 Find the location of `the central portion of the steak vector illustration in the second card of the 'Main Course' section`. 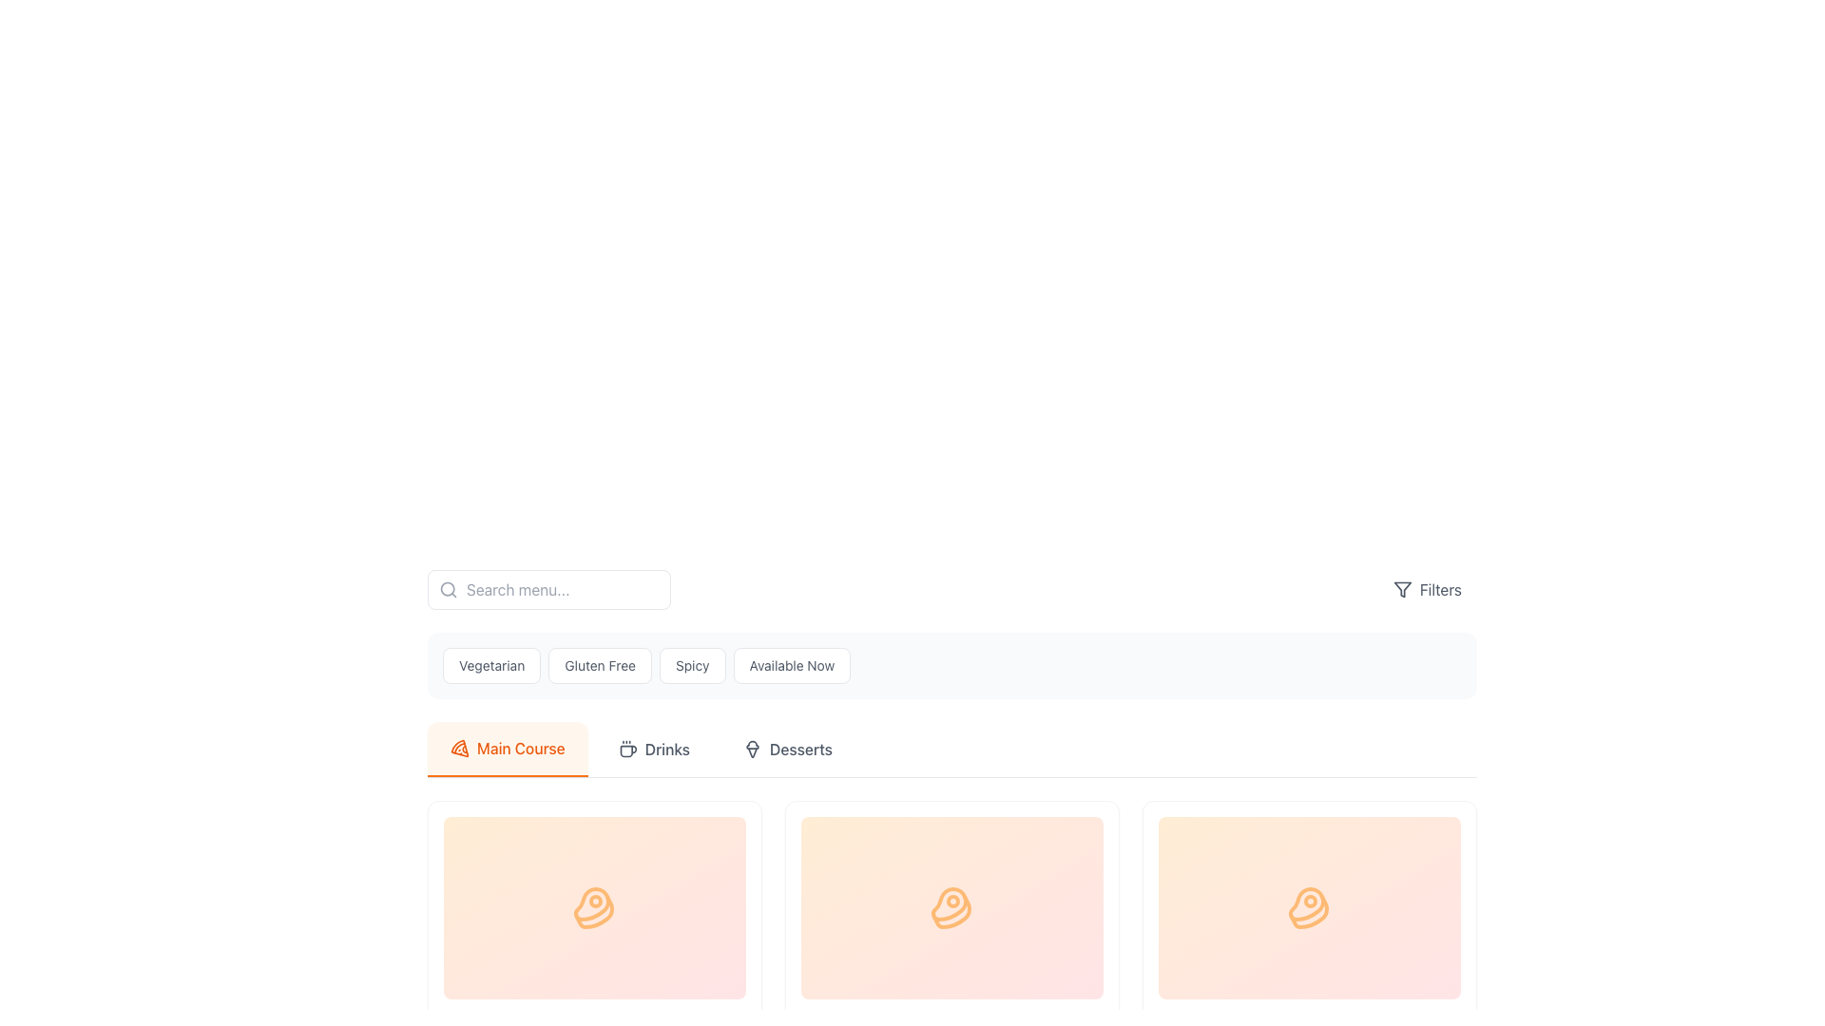

the central portion of the steak vector illustration in the second card of the 'Main Course' section is located at coordinates (1305, 903).